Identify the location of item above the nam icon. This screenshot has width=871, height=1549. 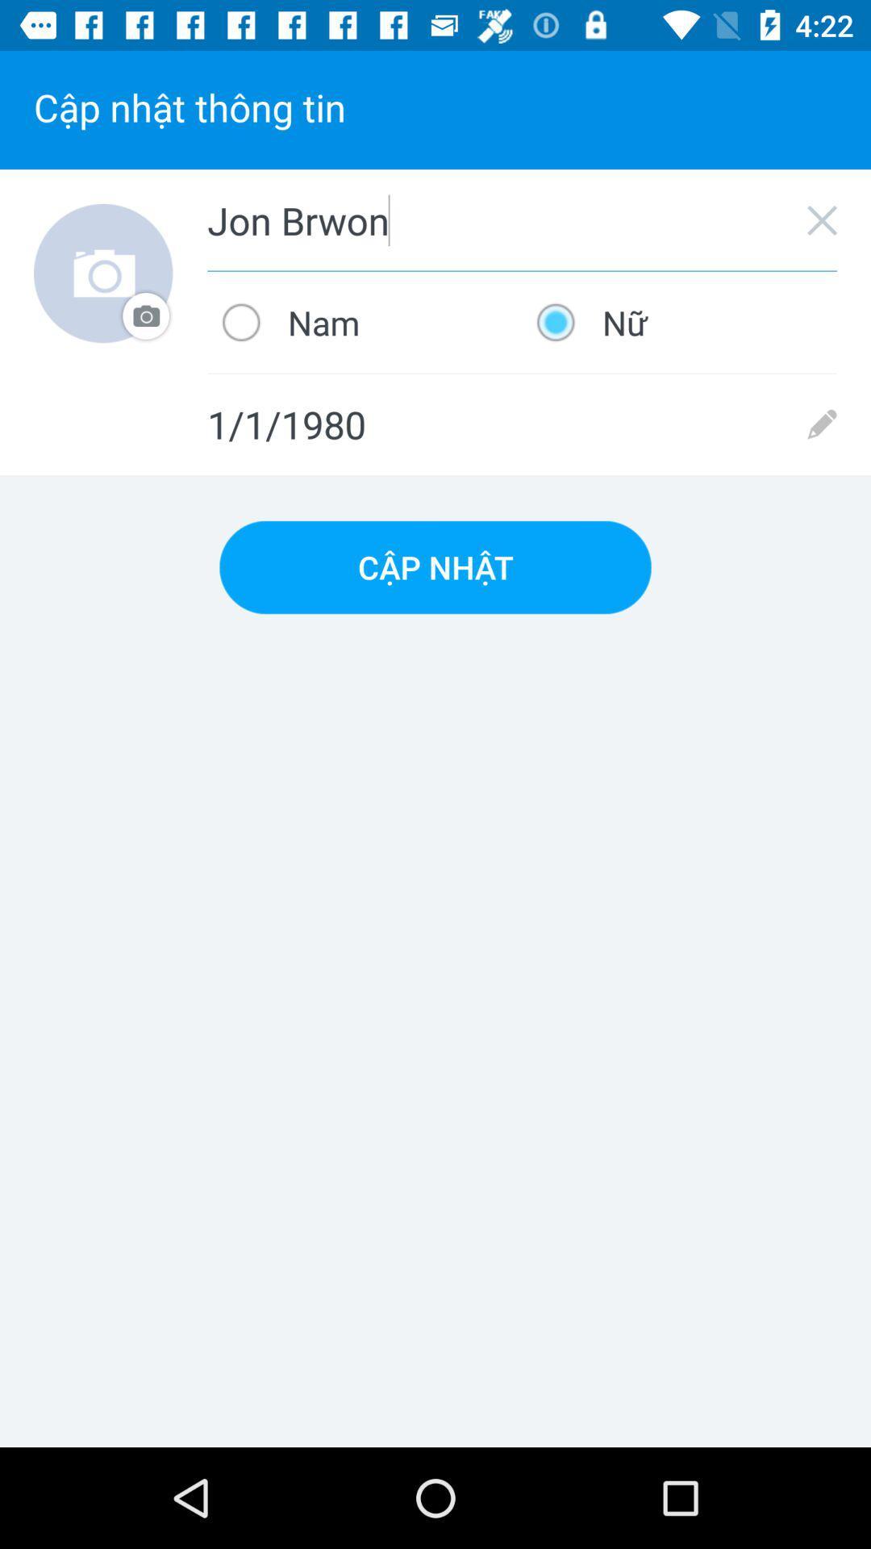
(522, 219).